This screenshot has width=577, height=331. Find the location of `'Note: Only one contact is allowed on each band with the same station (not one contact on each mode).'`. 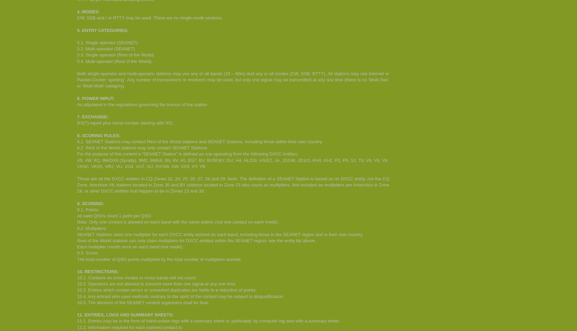

'Note: Only one contact is allowed on each band with the same station (not one contact on each mode).' is located at coordinates (77, 221).